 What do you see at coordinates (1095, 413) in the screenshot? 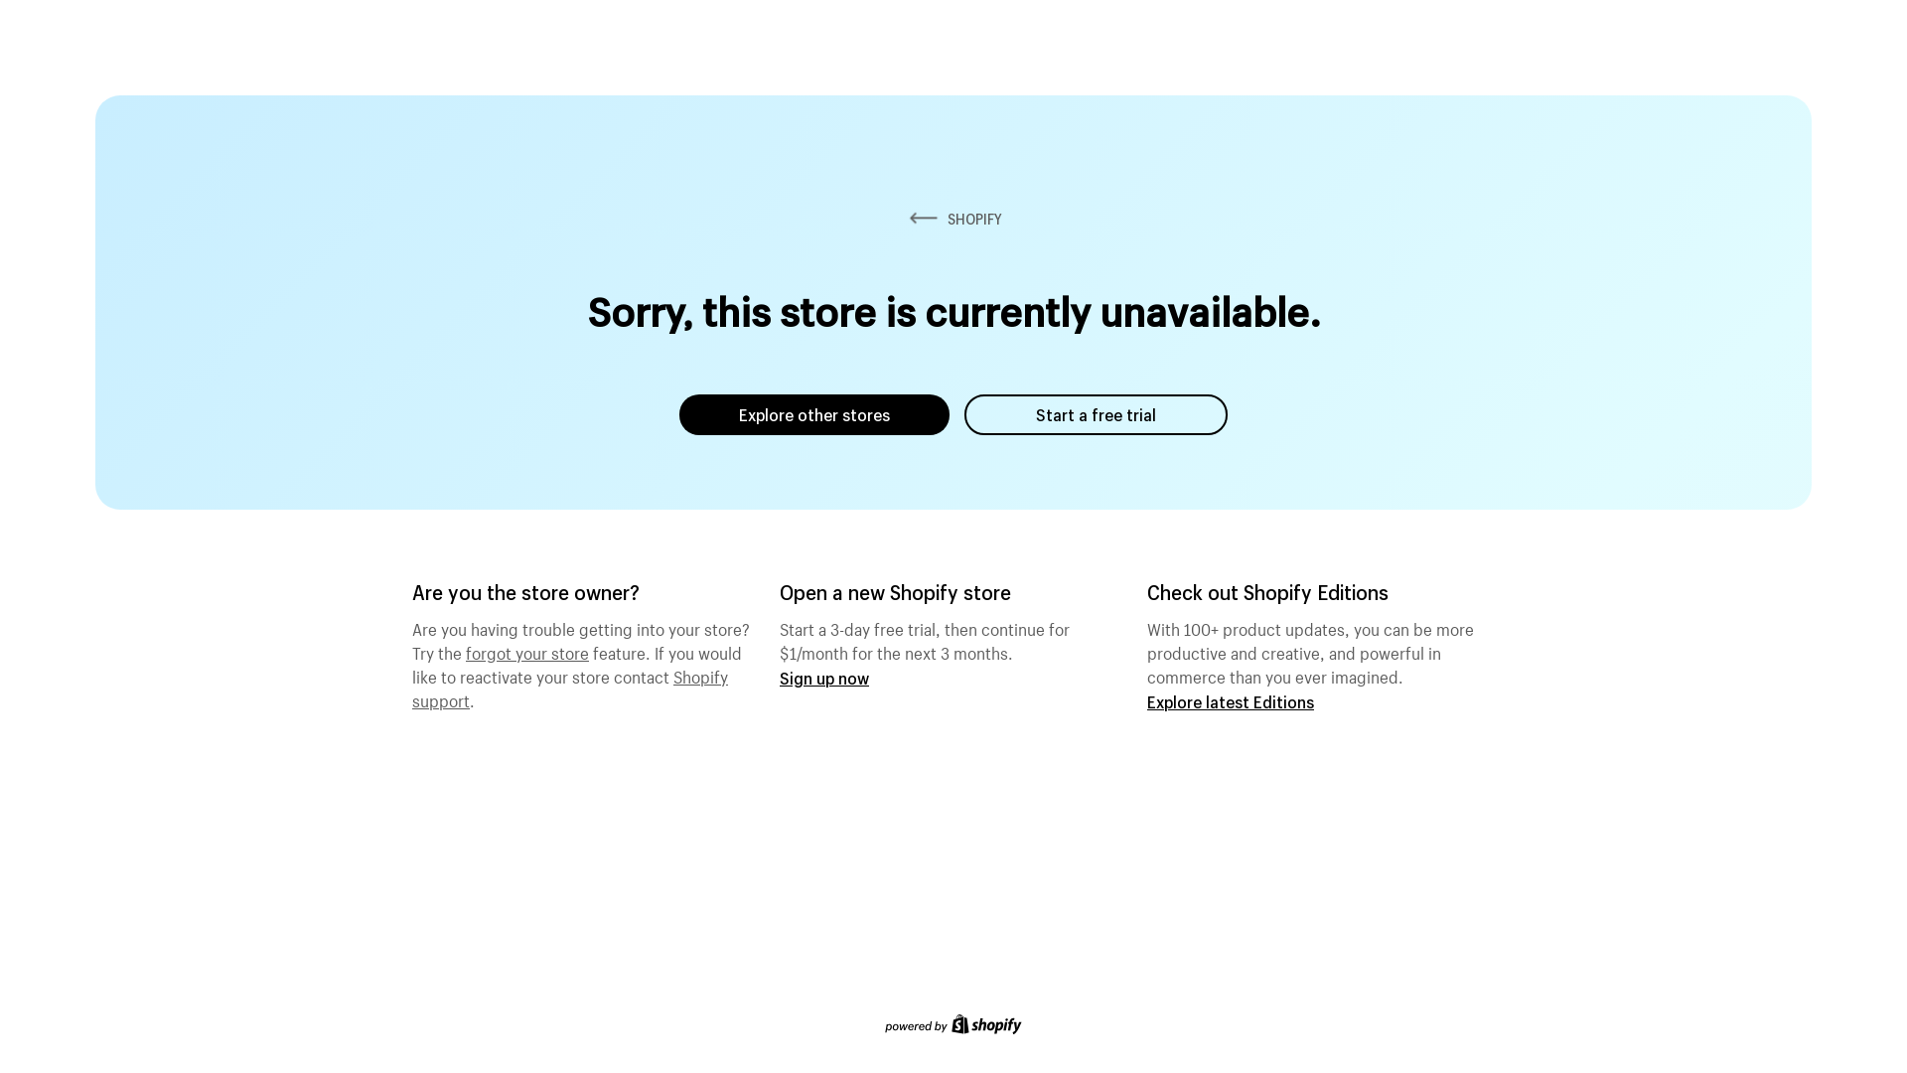
I see `'Start a free trial'` at bounding box center [1095, 413].